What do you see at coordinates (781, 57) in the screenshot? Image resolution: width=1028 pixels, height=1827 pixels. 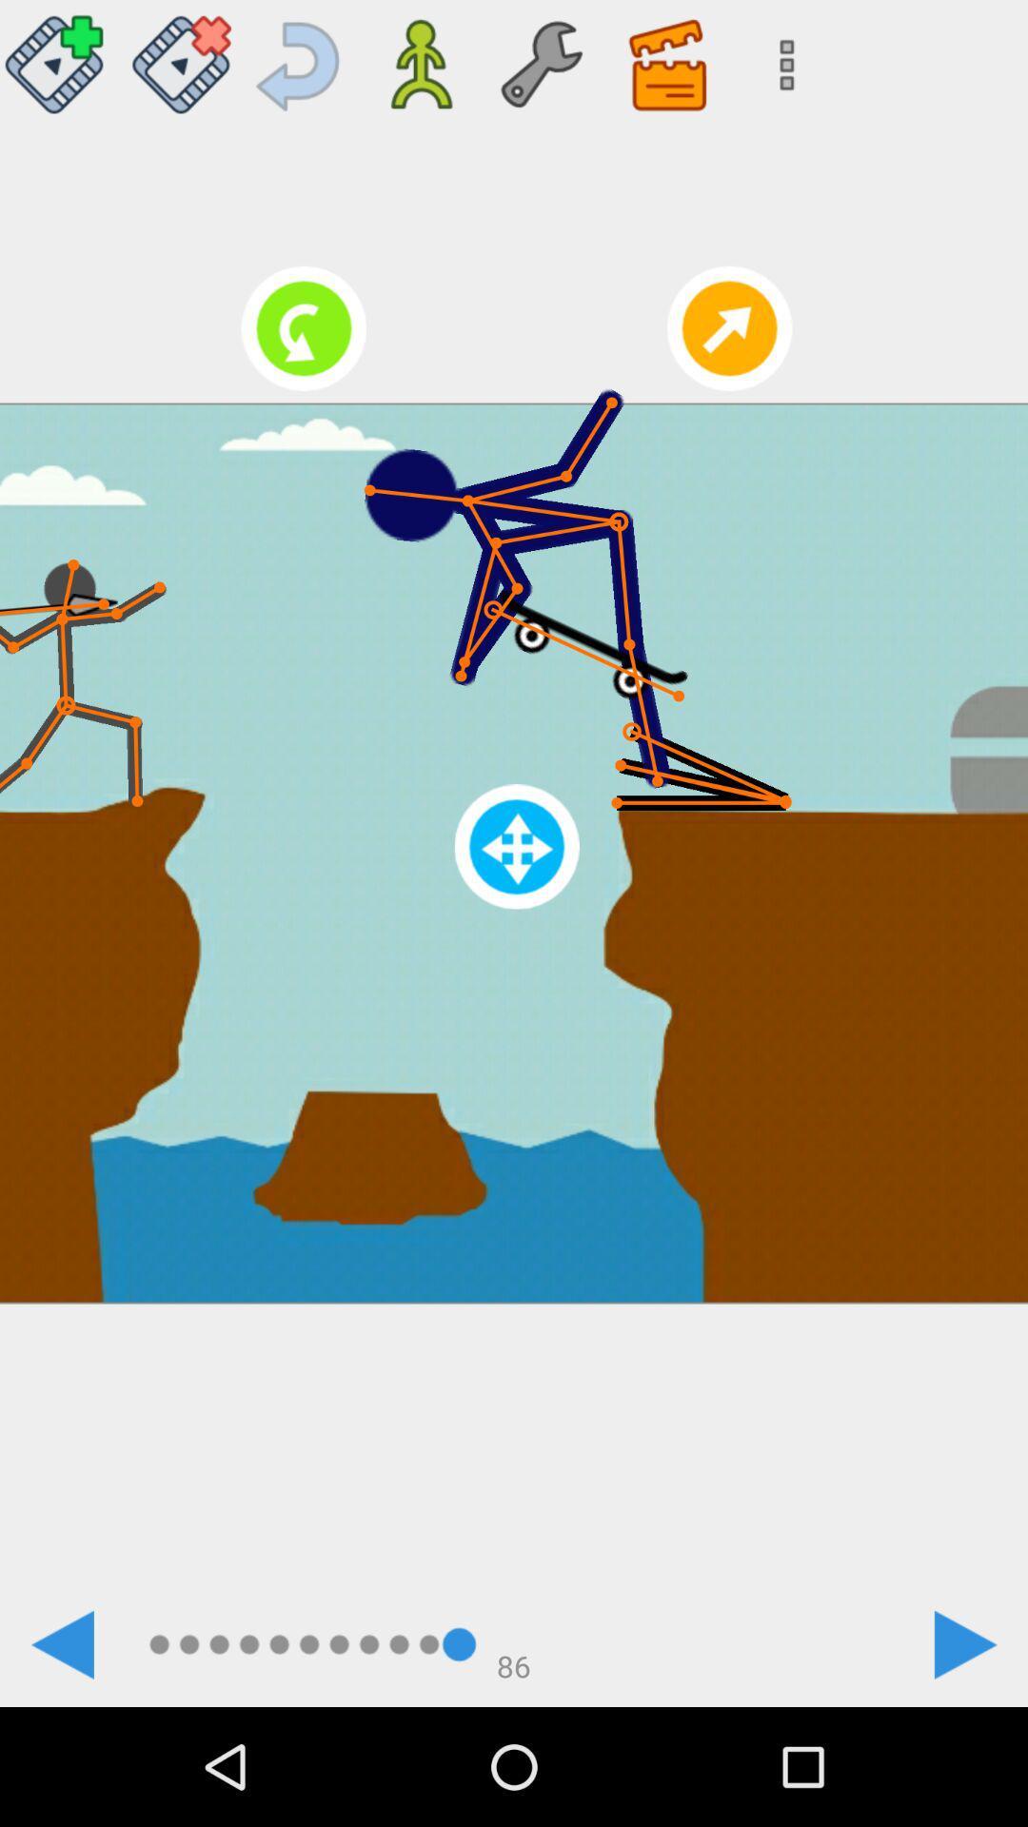 I see `icon at the top right corner` at bounding box center [781, 57].